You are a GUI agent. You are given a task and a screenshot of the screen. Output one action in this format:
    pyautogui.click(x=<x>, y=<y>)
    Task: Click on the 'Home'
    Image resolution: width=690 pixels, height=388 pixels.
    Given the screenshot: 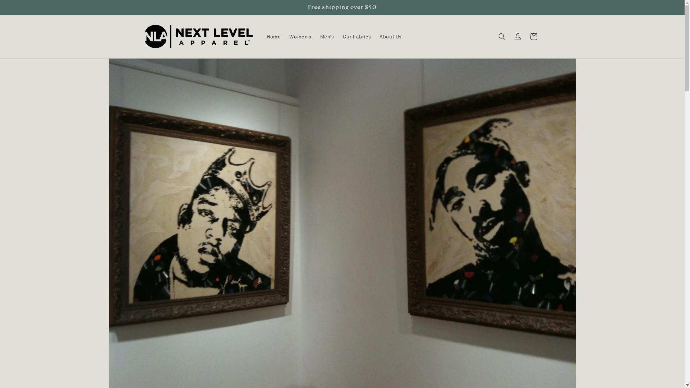 What is the action you would take?
    pyautogui.click(x=273, y=36)
    